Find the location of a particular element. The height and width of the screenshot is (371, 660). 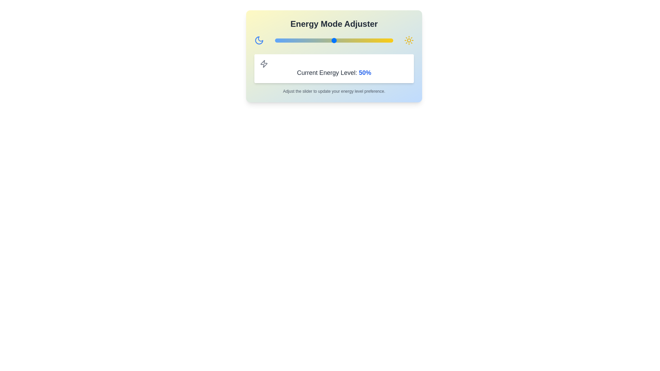

the Zap icon in the Current Energy Level section is located at coordinates (264, 64).